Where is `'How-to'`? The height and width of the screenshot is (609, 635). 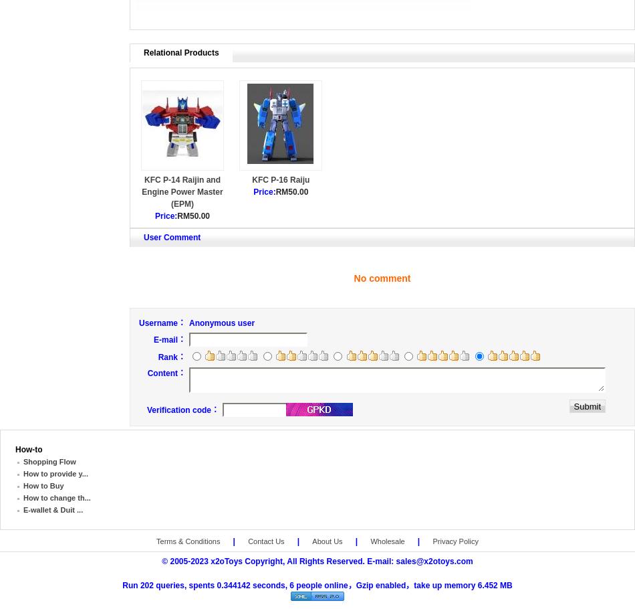
'How-to' is located at coordinates (29, 449).